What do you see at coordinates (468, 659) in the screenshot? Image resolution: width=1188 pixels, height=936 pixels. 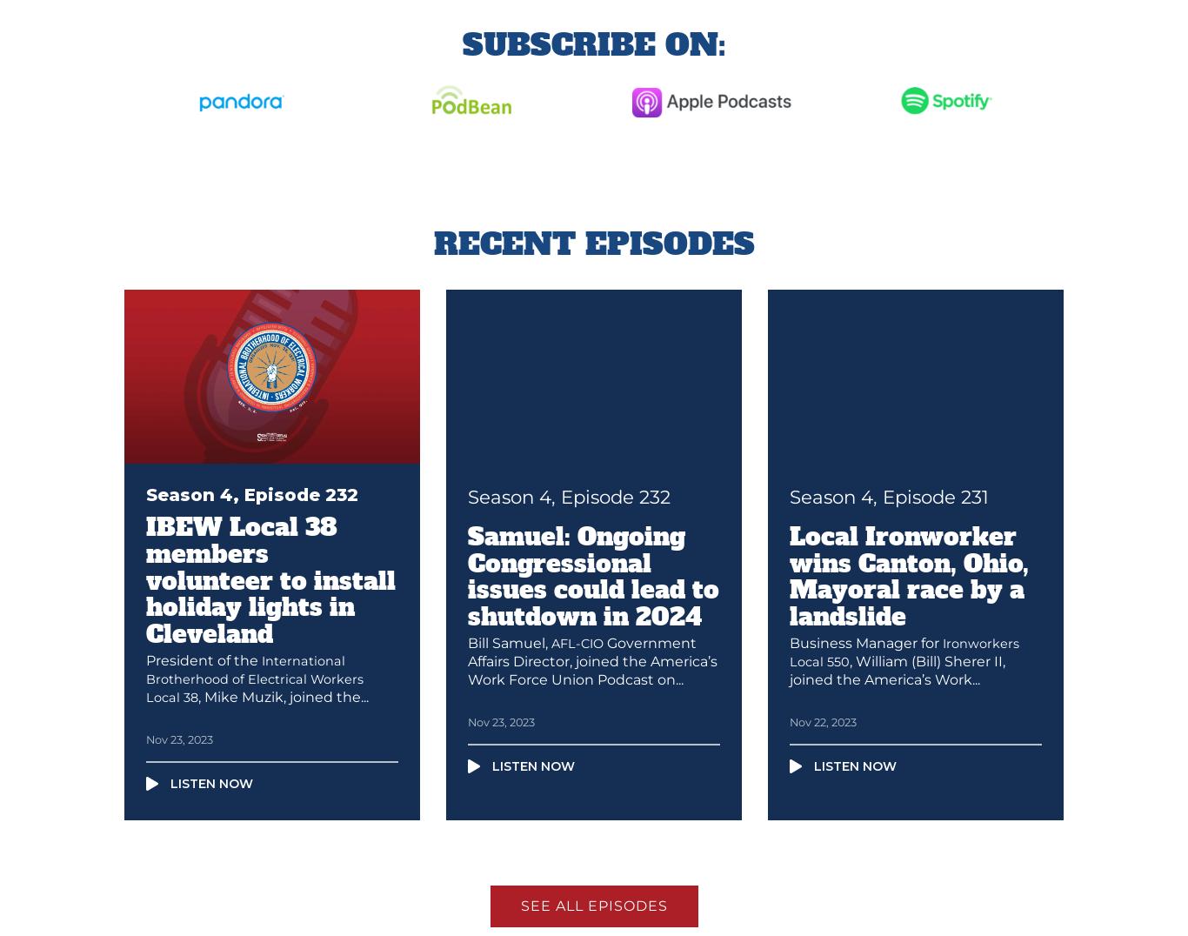 I see `'Government Affairs Director, joined the America’s Work Force Union Podcast on...'` at bounding box center [468, 659].